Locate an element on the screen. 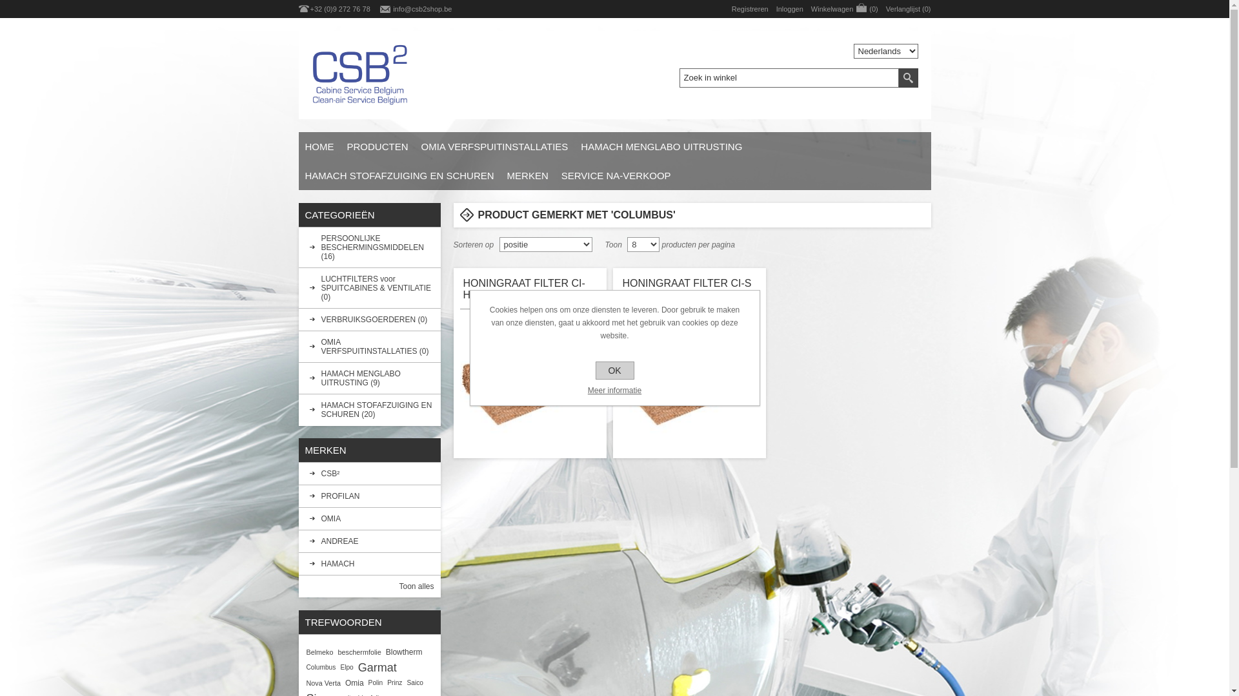 The width and height of the screenshot is (1239, 696). 'Belmeko' is located at coordinates (319, 652).